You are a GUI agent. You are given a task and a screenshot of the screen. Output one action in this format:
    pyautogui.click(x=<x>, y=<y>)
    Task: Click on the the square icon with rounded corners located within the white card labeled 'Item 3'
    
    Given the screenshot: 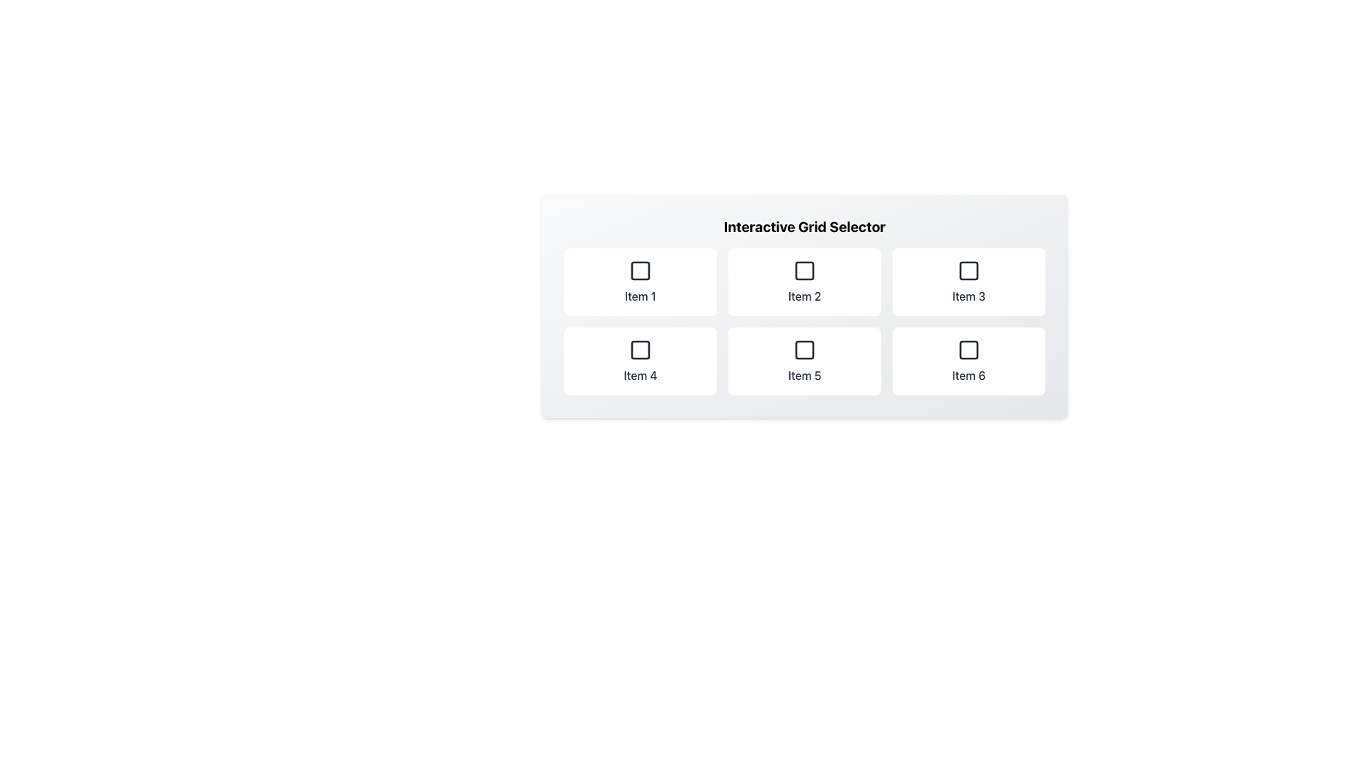 What is the action you would take?
    pyautogui.click(x=968, y=270)
    